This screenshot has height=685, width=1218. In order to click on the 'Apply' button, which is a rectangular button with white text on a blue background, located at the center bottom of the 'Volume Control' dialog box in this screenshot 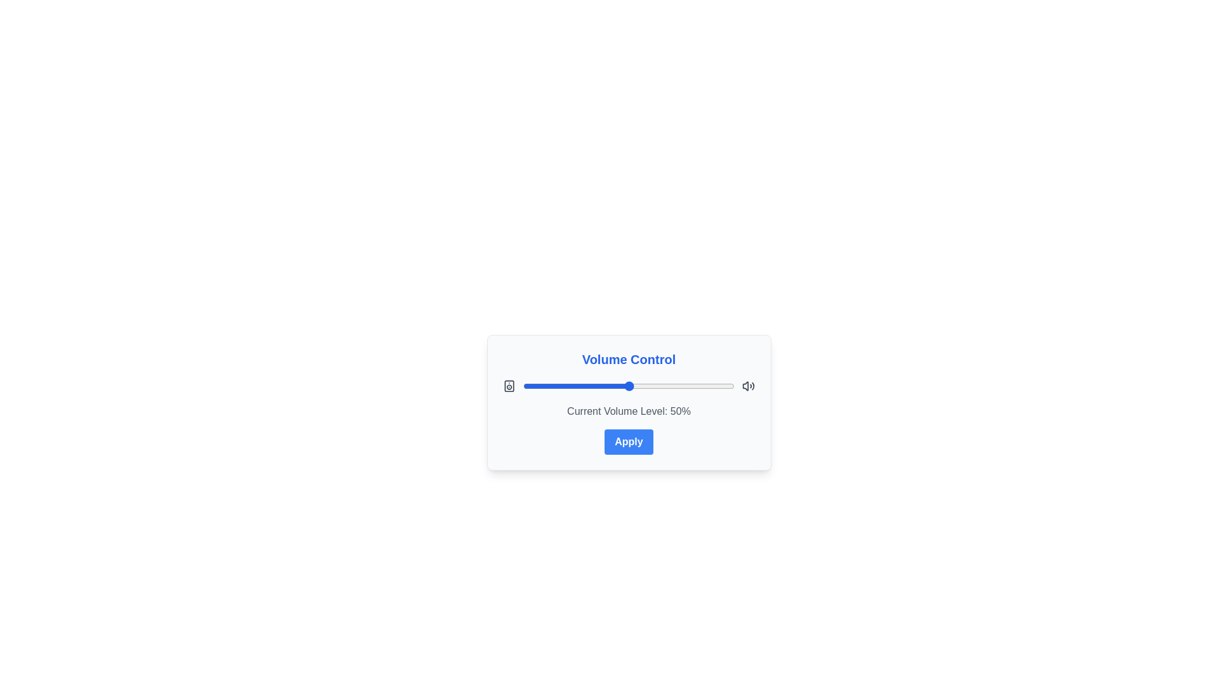, I will do `click(629, 441)`.